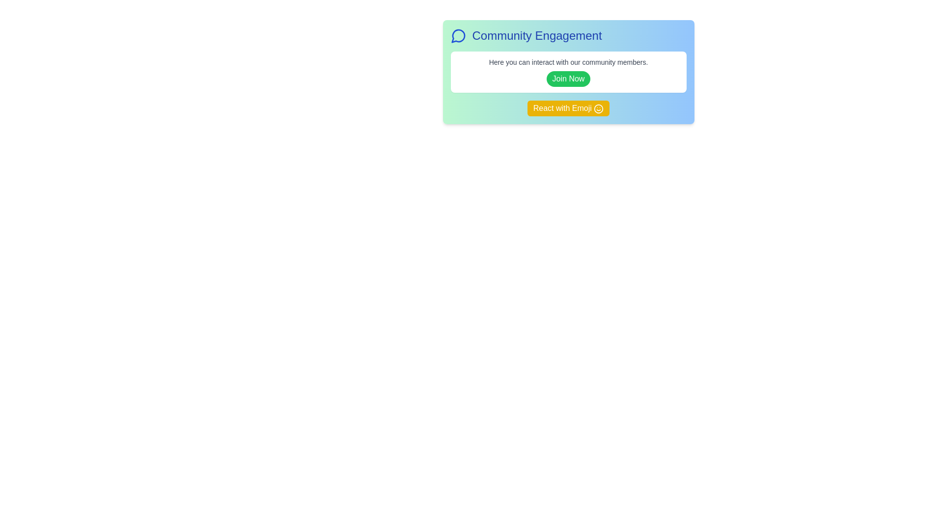 Image resolution: width=943 pixels, height=530 pixels. I want to click on the emoji icon located inside the 'React with Emoji' button on the right side next to the text, so click(598, 108).